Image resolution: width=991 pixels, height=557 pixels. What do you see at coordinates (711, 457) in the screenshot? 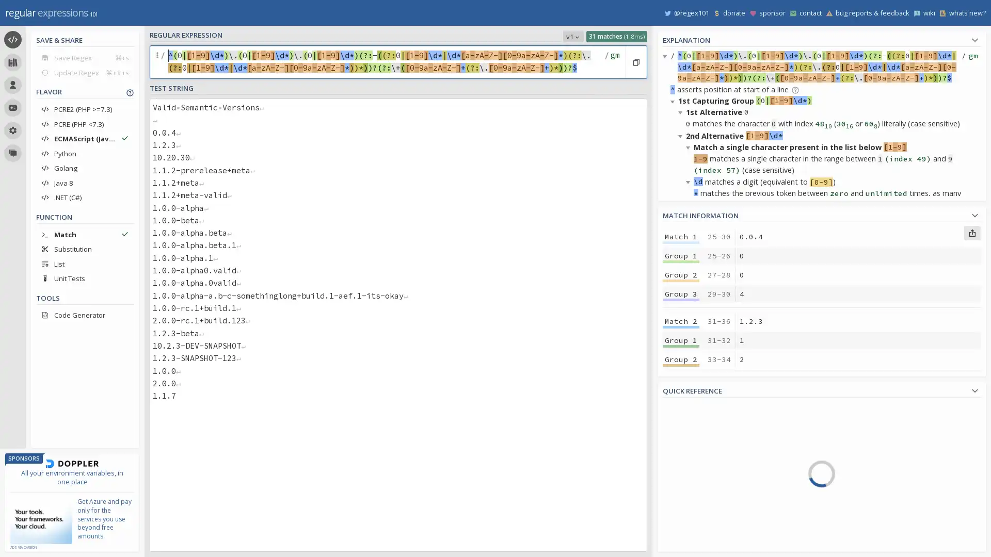
I see `General Tokens` at bounding box center [711, 457].